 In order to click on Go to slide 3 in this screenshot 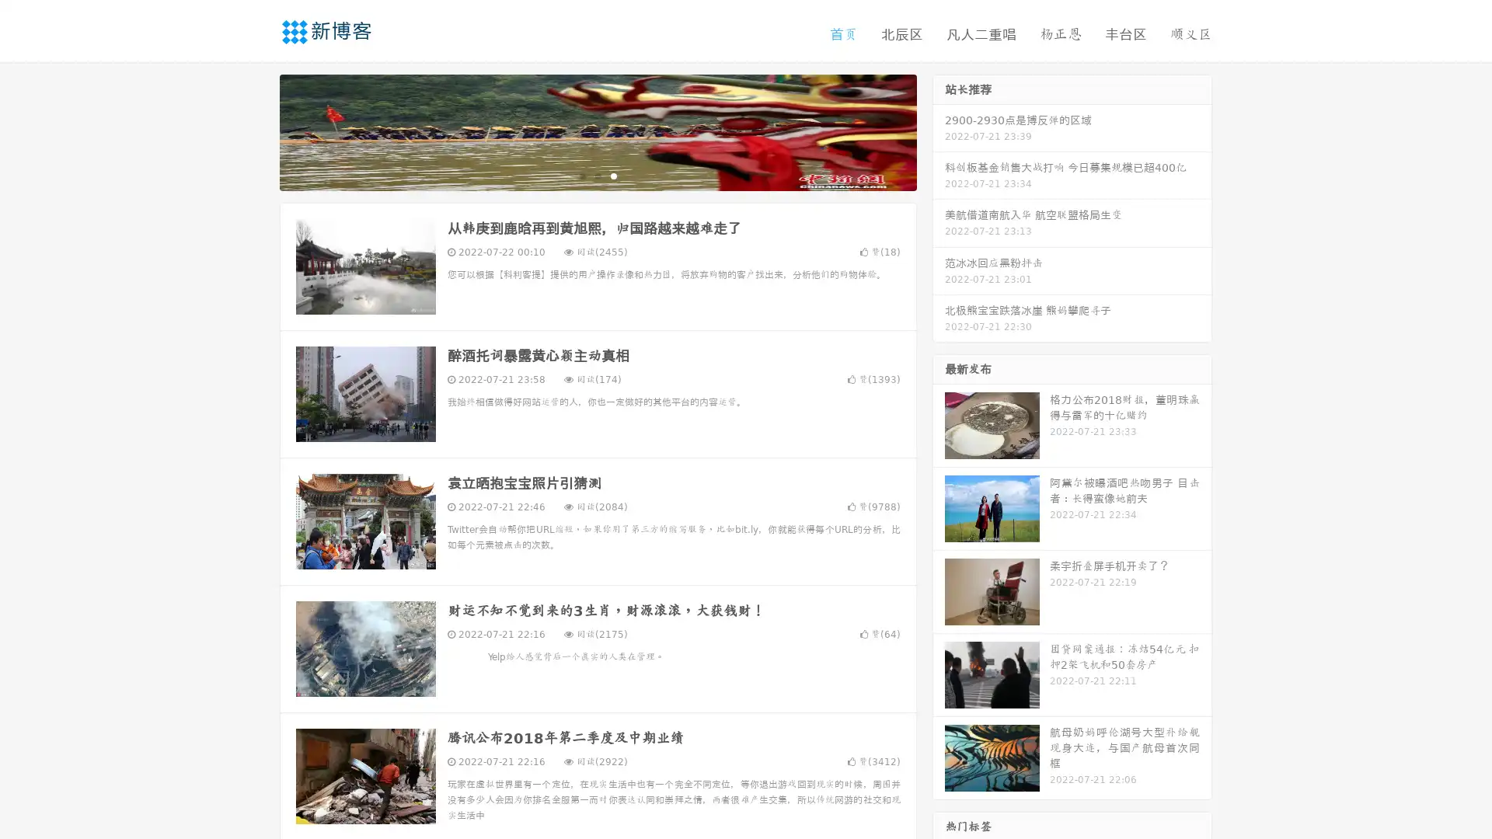, I will do `click(613, 175)`.